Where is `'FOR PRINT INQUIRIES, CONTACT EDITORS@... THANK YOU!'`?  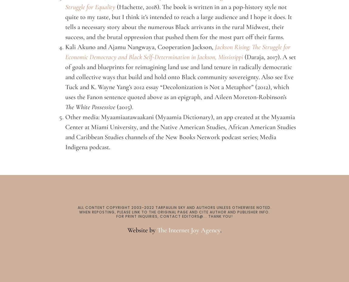
'FOR PRINT INQUIRIES, CONTACT EDITORS@... THANK YOU!' is located at coordinates (174, 216).